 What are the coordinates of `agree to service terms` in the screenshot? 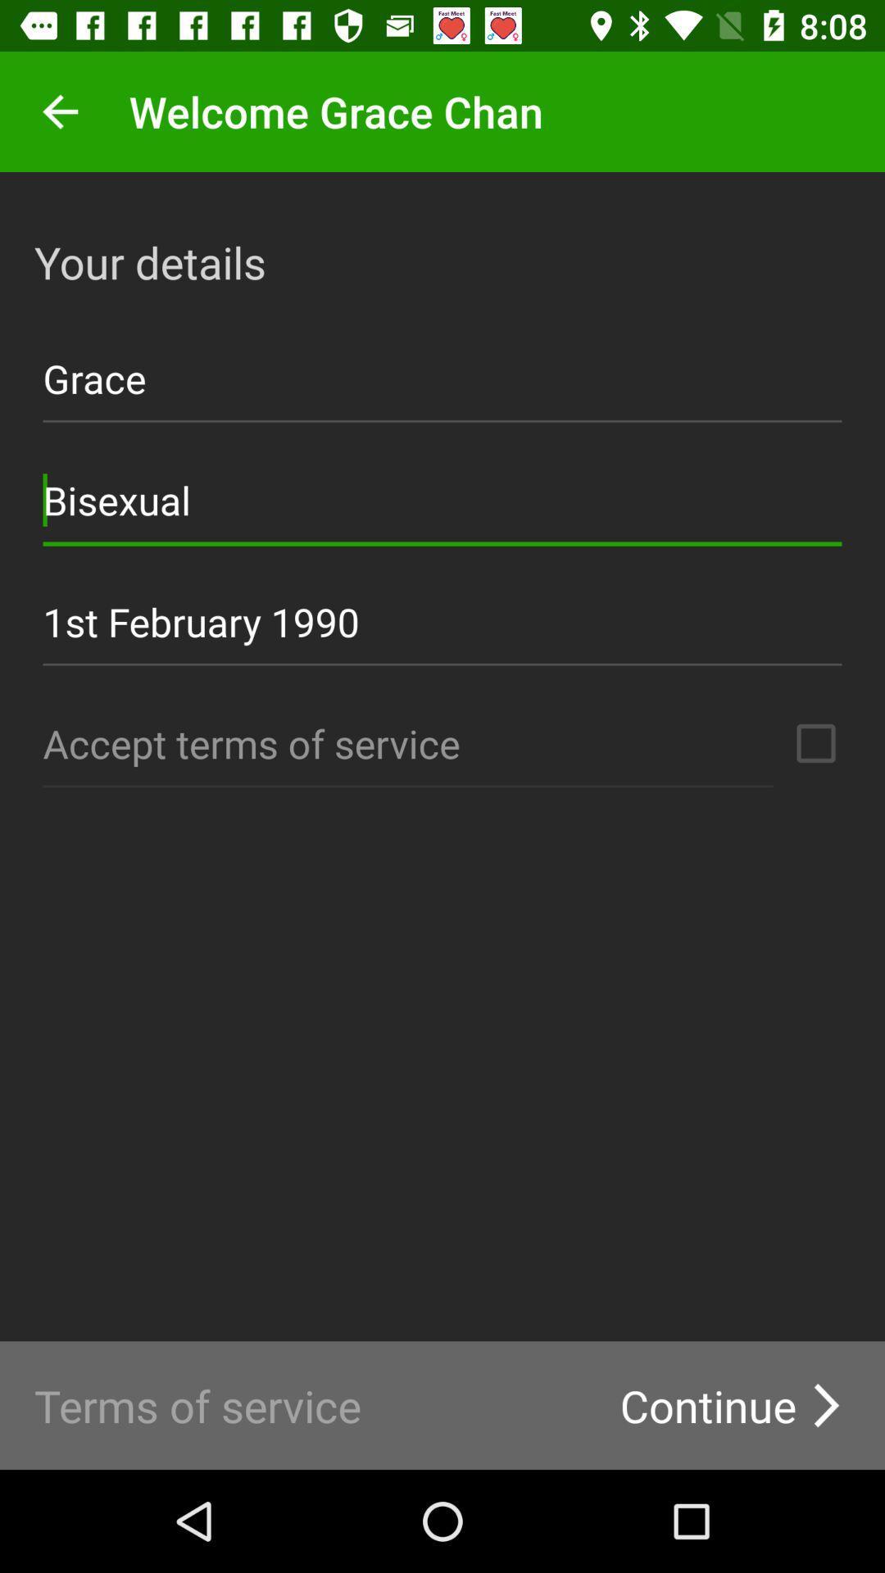 It's located at (815, 742).